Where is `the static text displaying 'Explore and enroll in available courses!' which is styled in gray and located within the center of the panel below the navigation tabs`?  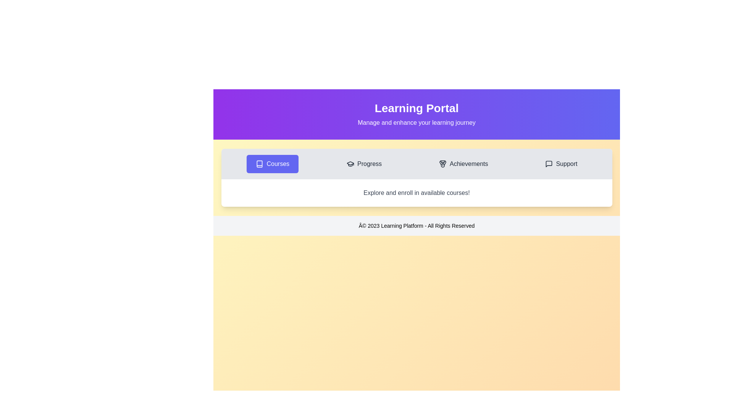
the static text displaying 'Explore and enroll in available courses!' which is styled in gray and located within the center of the panel below the navigation tabs is located at coordinates (416, 192).